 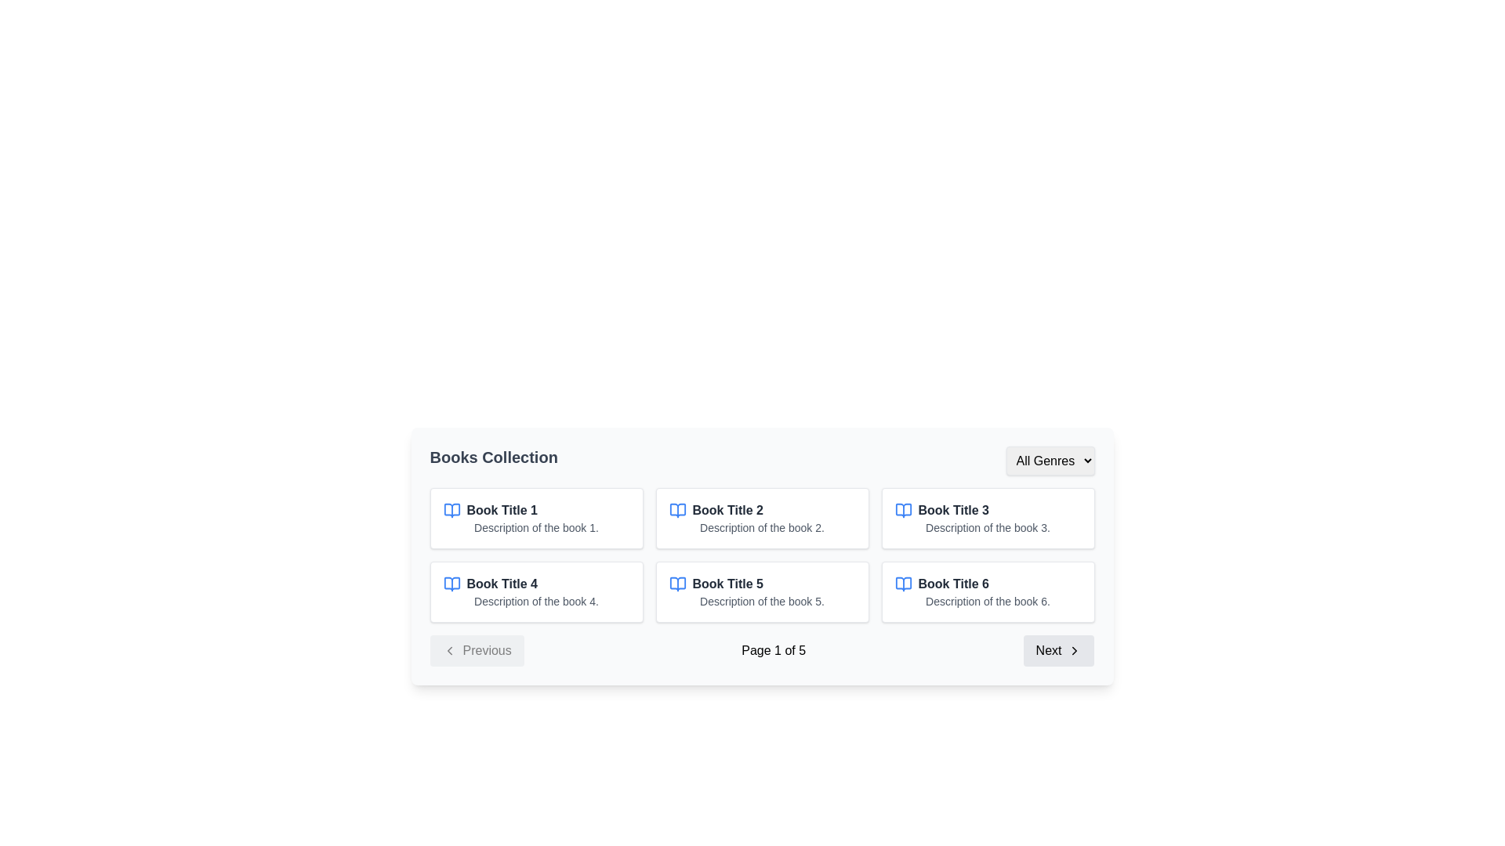 I want to click on the leftward-pointing chevron-shaped icon located within the 'Previous' button at the bottom-left section of the interface, so click(x=448, y=650).